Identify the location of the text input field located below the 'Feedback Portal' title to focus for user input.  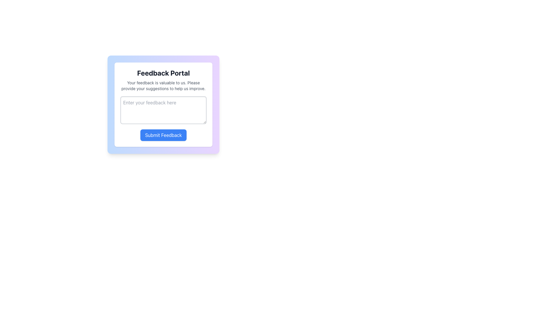
(163, 104).